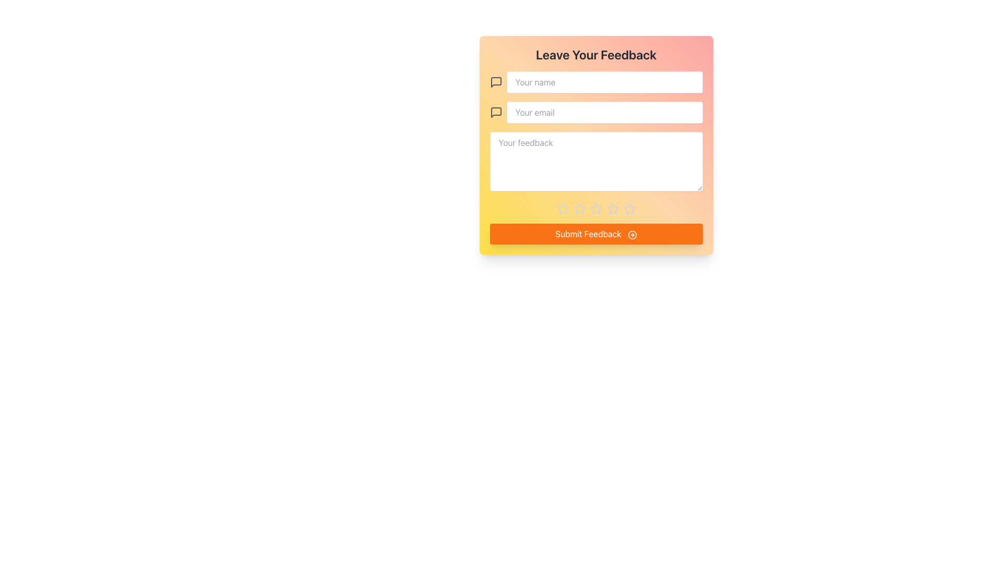 The image size is (1002, 563). Describe the element at coordinates (613, 209) in the screenshot. I see `the sixth star-shaped rating icon, styled in light gray, located below the feedback text area` at that location.